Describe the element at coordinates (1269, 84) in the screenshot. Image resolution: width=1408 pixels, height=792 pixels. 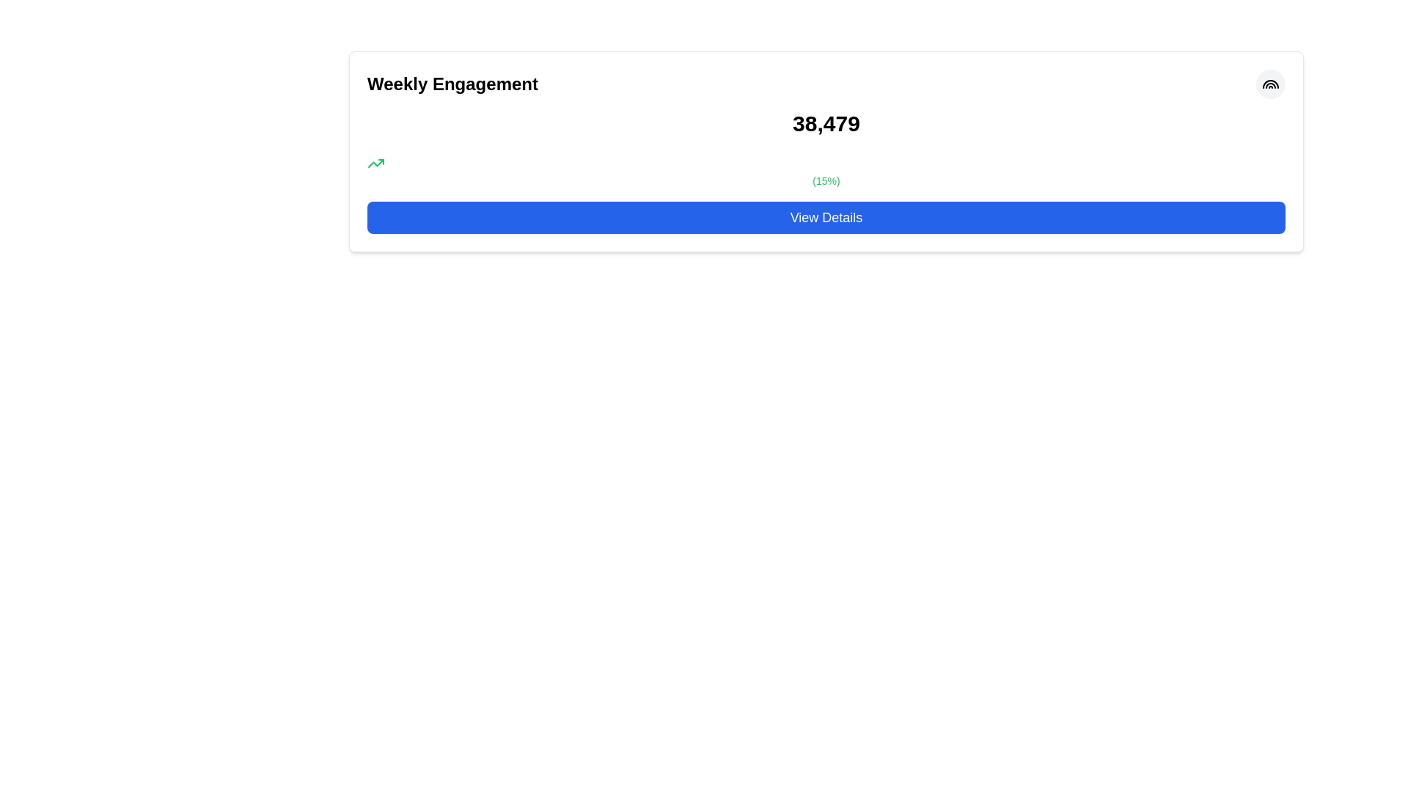
I see `the outermost arc of the rainbow-style SVG icon located at the top right corner of the card-like widget` at that location.